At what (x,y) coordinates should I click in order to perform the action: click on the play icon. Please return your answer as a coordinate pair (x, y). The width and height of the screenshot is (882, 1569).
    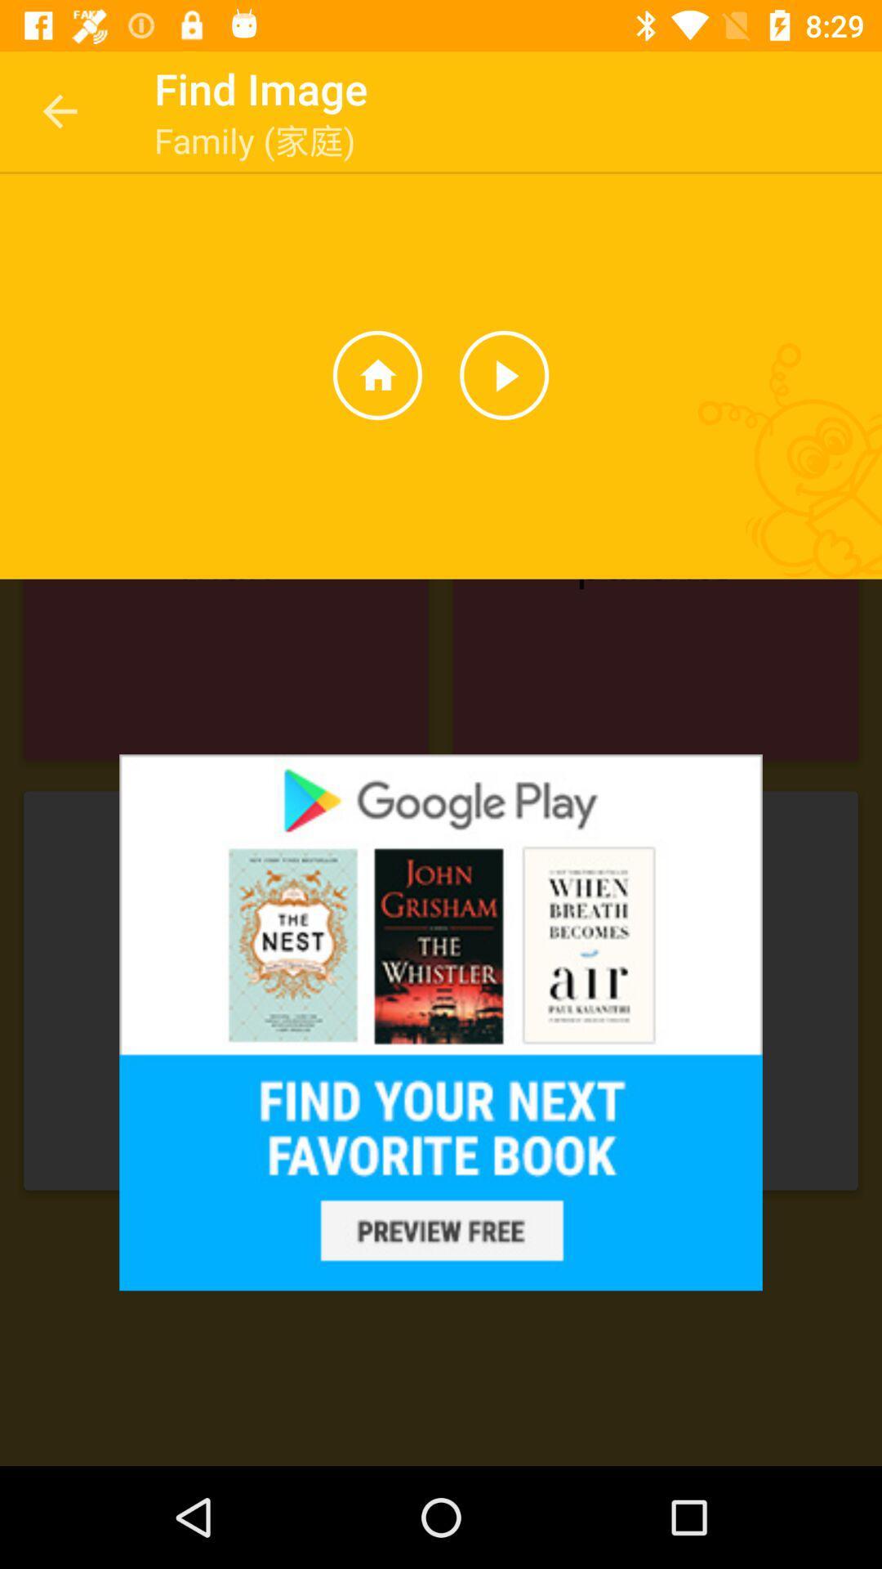
    Looking at the image, I should click on (503, 374).